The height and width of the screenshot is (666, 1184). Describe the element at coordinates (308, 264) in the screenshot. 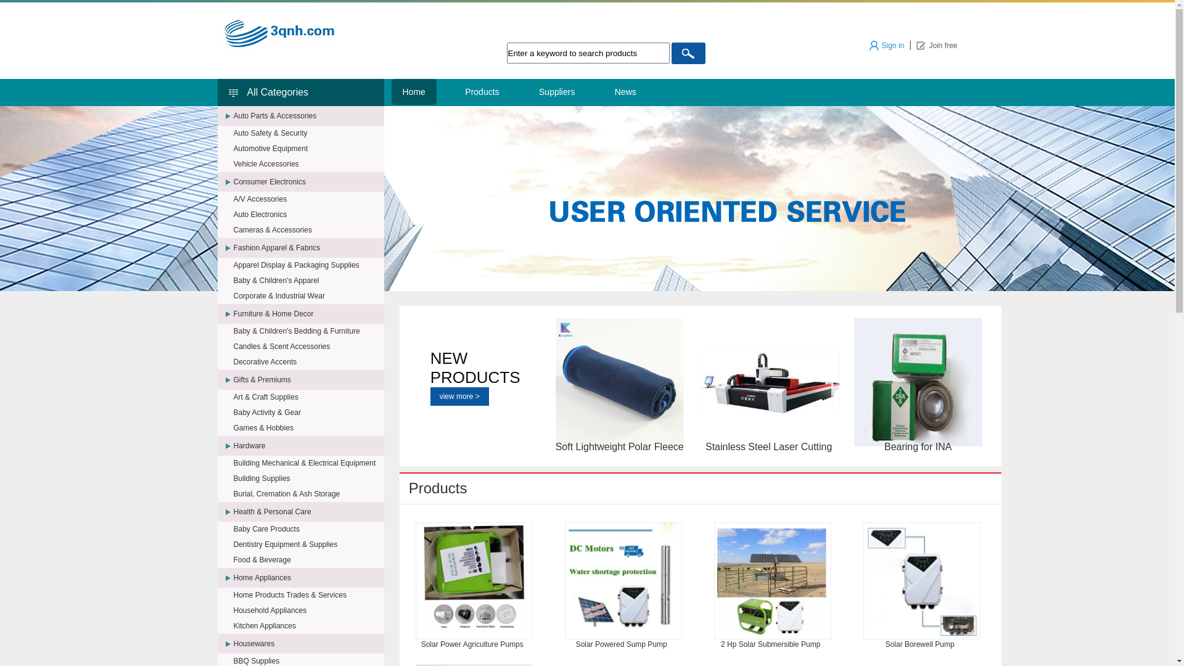

I see `'Apparel Display & Packaging Supplies'` at that location.